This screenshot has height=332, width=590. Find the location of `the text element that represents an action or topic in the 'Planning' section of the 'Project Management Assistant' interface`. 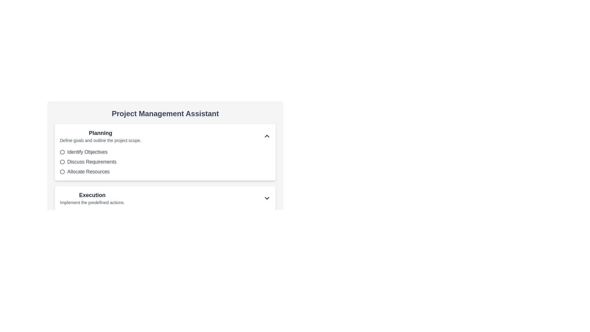

the text element that represents an action or topic in the 'Planning' section of the 'Project Management Assistant' interface is located at coordinates (87, 152).